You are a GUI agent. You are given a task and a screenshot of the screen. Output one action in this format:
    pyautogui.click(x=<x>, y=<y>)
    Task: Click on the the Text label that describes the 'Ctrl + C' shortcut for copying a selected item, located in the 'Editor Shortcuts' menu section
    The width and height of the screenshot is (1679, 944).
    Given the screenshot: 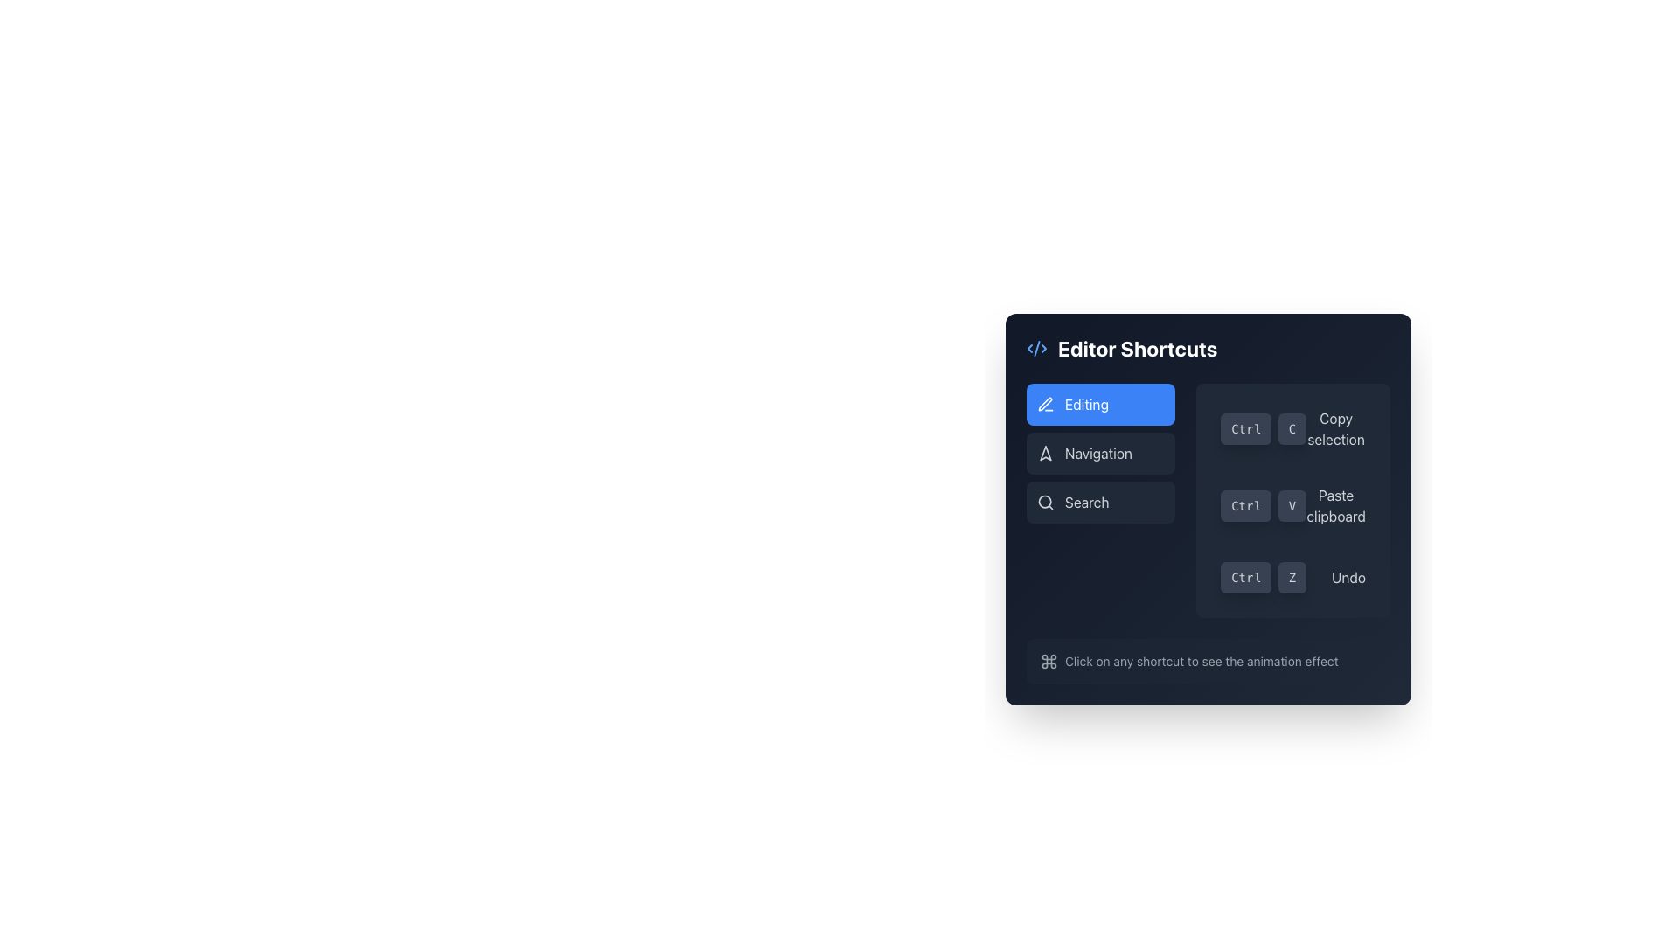 What is the action you would take?
    pyautogui.click(x=1335, y=428)
    